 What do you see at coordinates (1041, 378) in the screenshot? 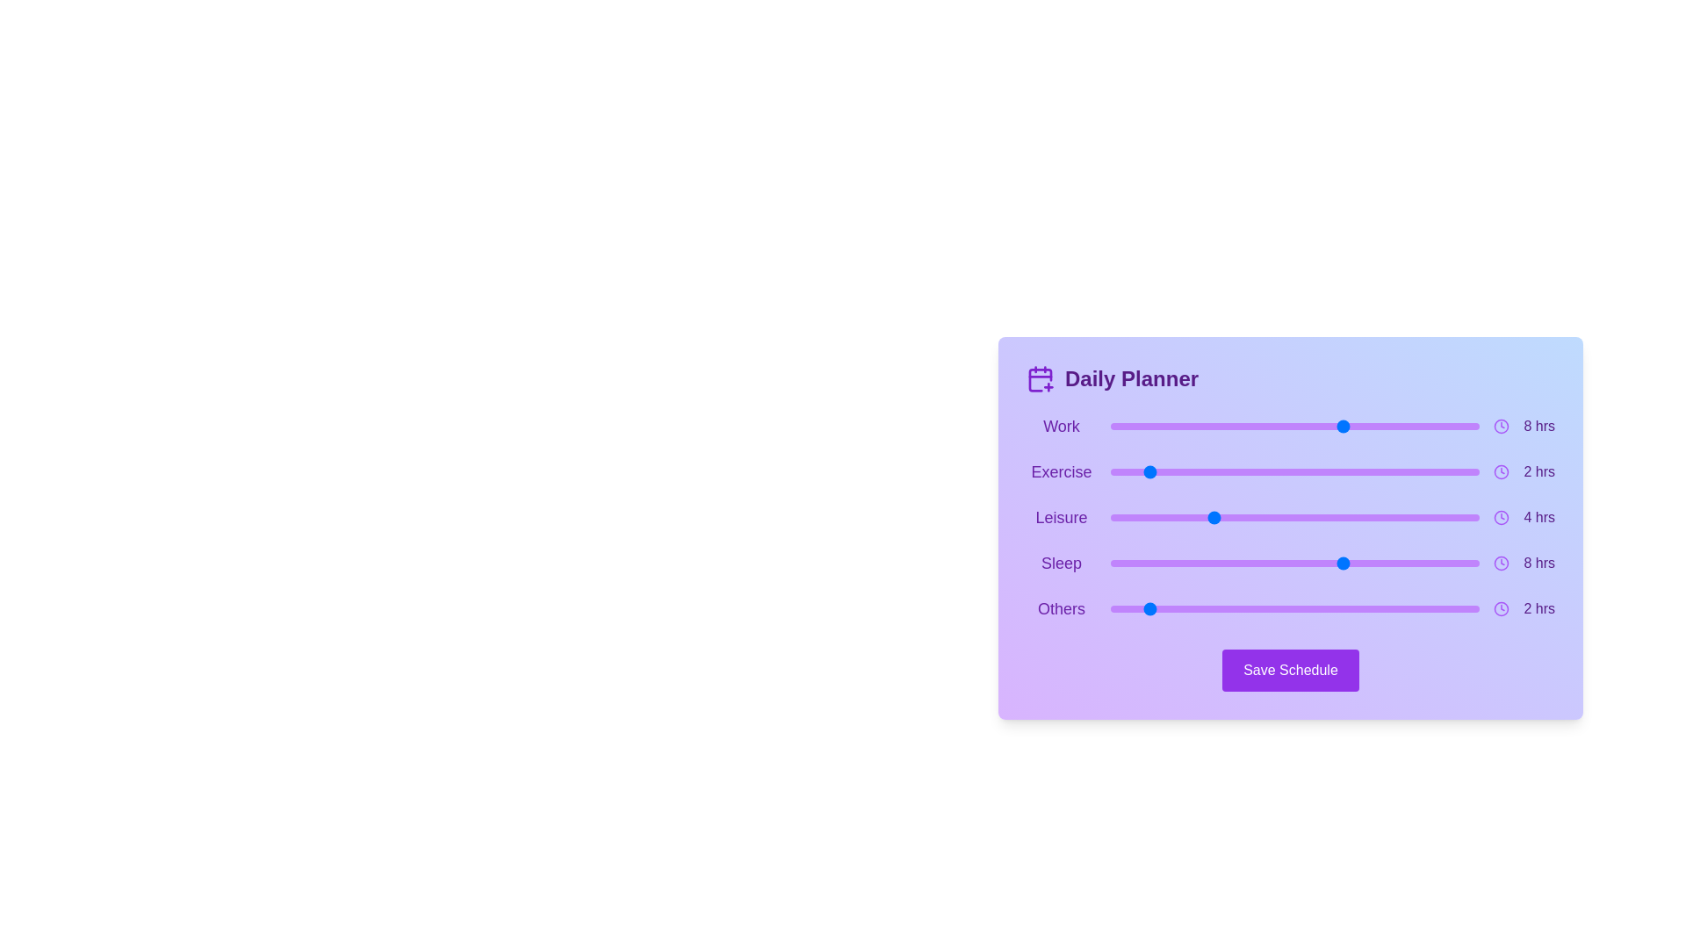
I see `the calendar icon in the header` at bounding box center [1041, 378].